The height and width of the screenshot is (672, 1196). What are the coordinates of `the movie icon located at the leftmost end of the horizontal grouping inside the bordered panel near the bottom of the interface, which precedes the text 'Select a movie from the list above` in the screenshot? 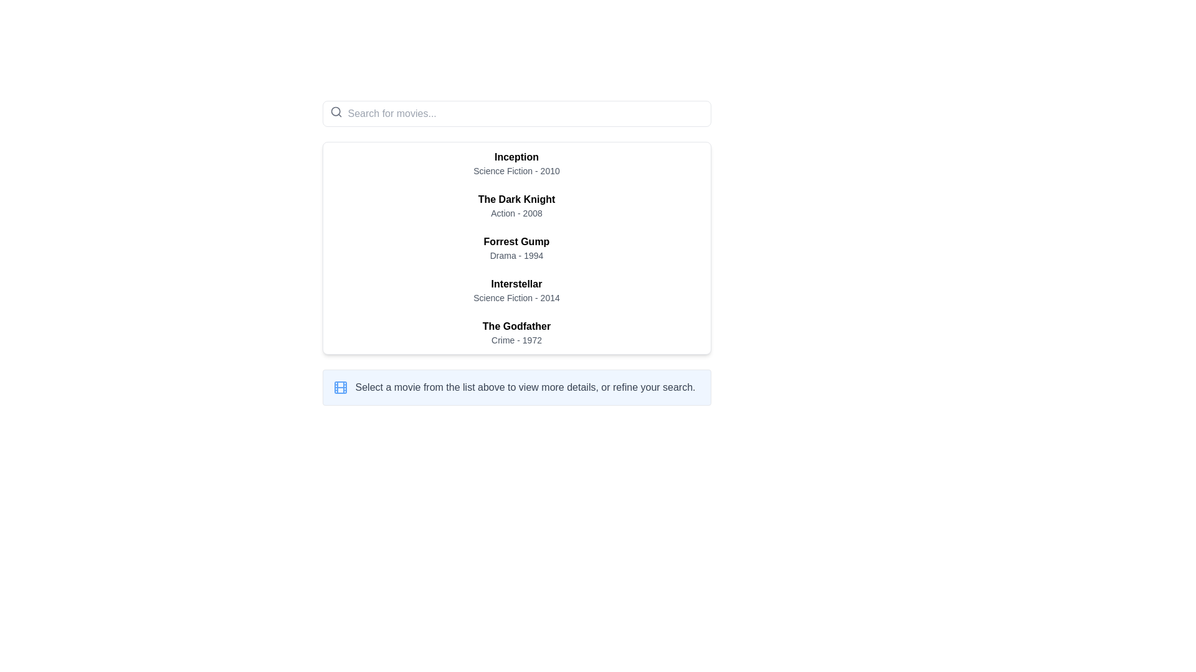 It's located at (340, 387).